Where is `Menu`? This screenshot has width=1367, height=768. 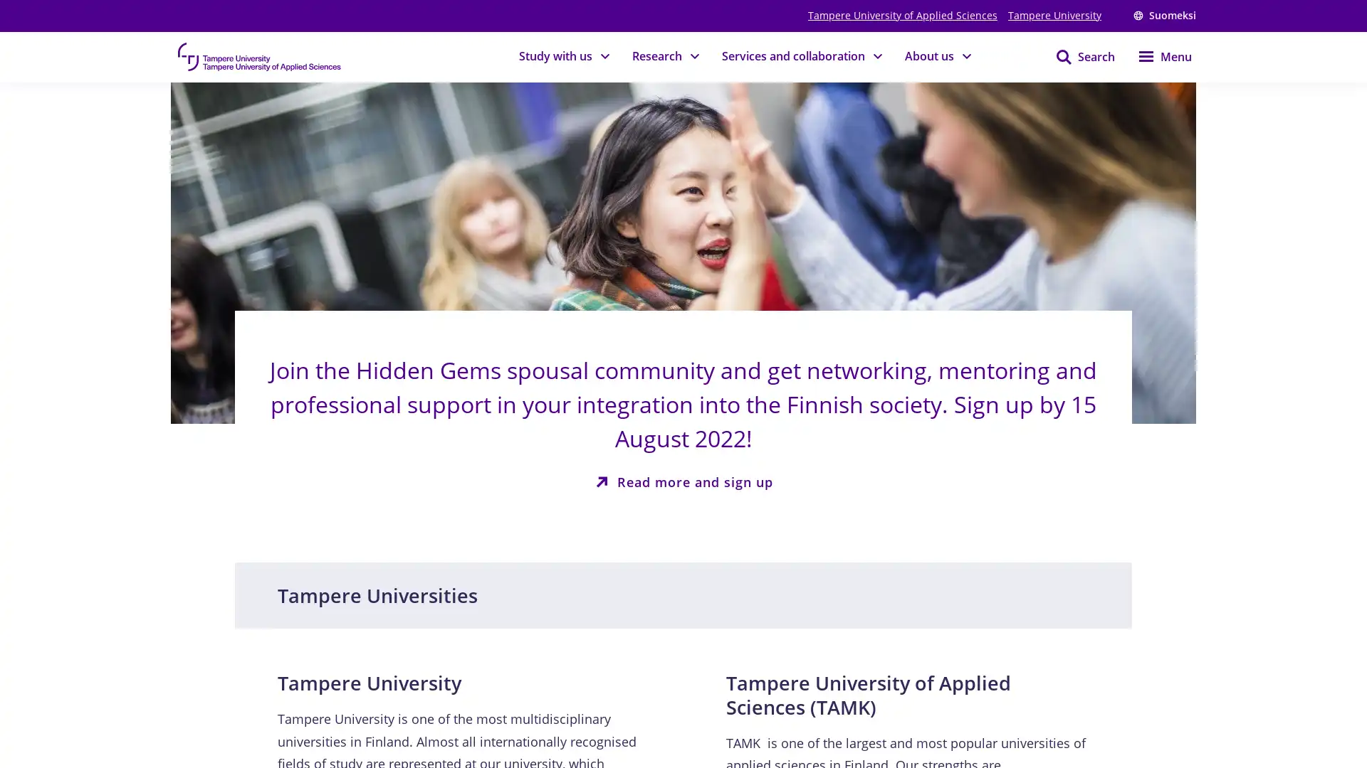 Menu is located at coordinates (1165, 56).